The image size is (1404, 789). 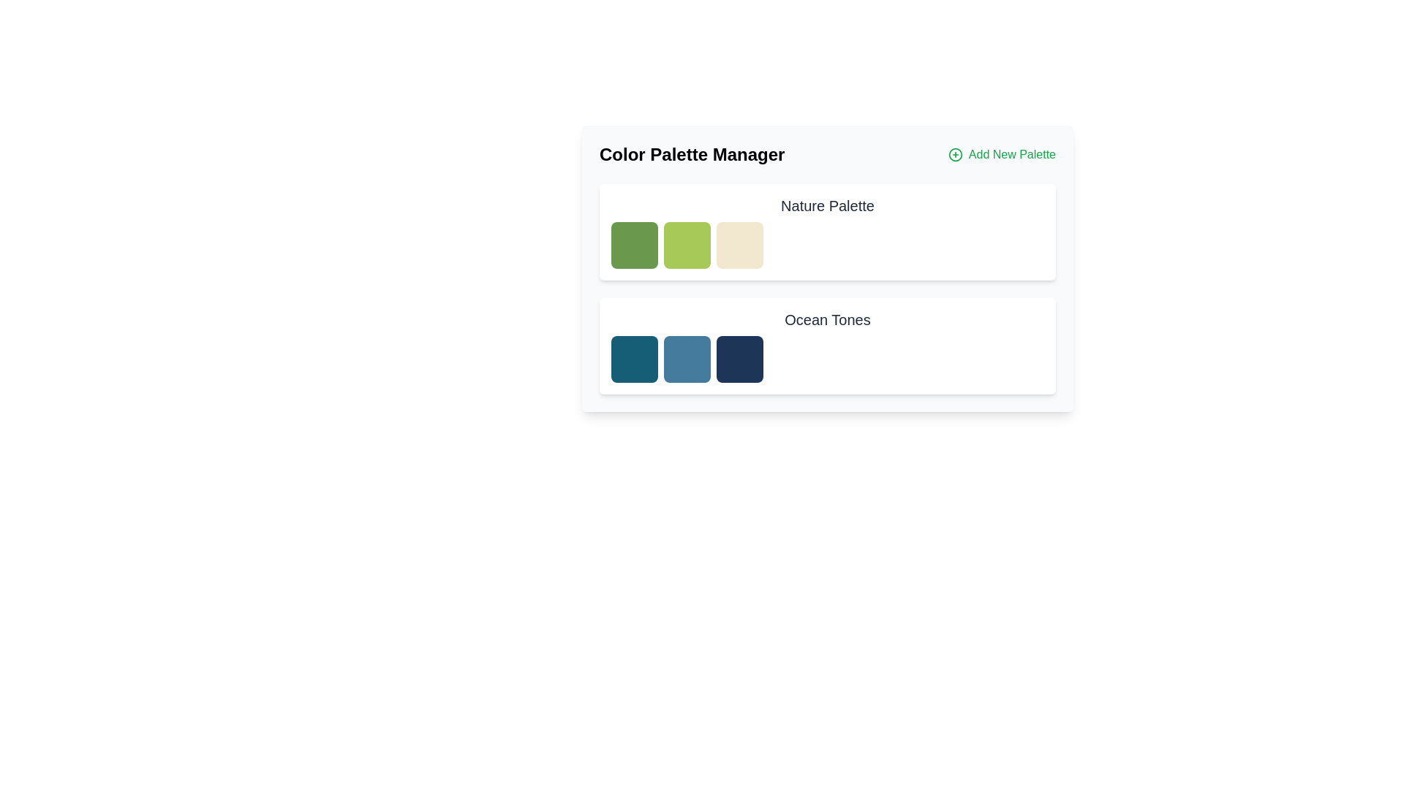 I want to click on the third color swatch in the 'Ocean Tones' section, so click(x=740, y=359).